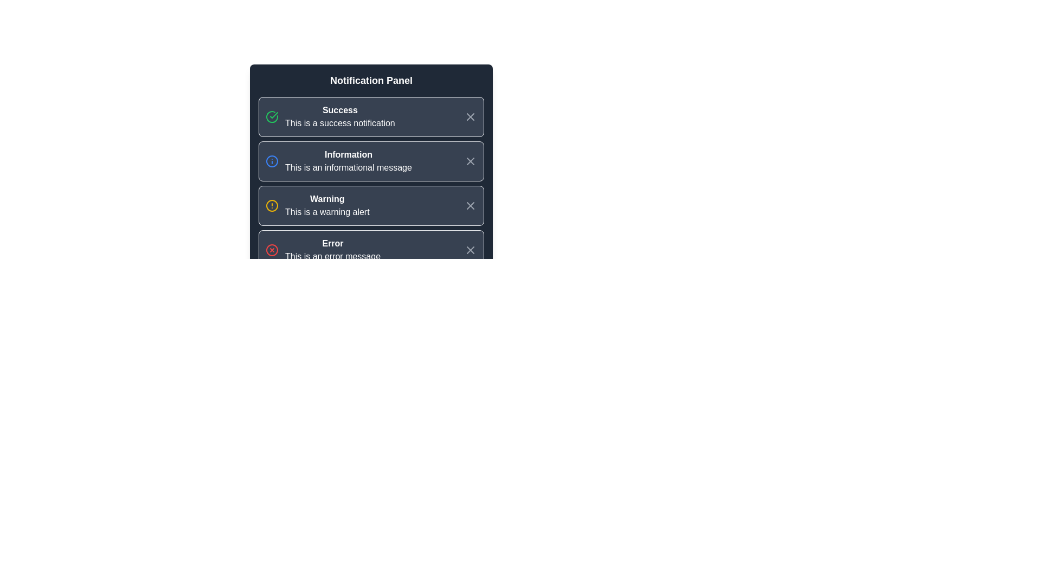 The width and height of the screenshot is (1041, 585). Describe the element at coordinates (349, 167) in the screenshot. I see `the informational text displaying 'This is an informational message' located in the Notification Panel under the Information section` at that location.